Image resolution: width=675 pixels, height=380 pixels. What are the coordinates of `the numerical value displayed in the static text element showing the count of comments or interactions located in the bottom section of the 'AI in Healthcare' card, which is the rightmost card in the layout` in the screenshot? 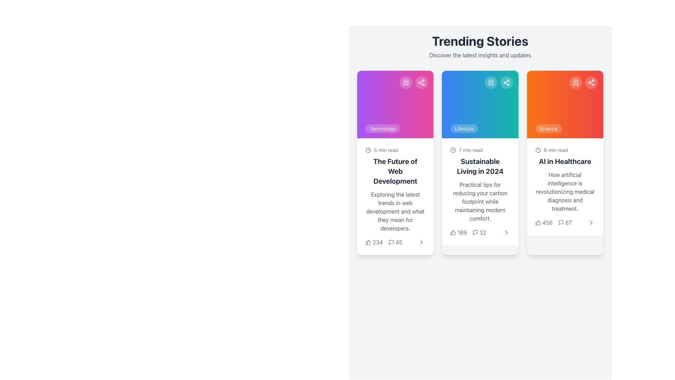 It's located at (565, 222).